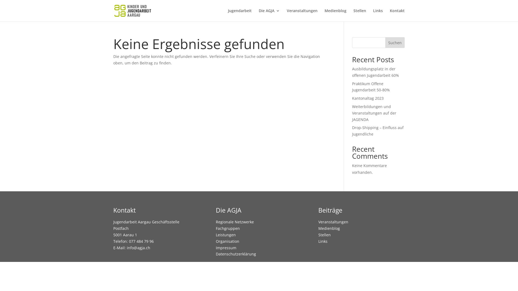 The height and width of the screenshot is (291, 518). What do you see at coordinates (352, 86) in the screenshot?
I see `'Praktikum Offene Jugendarbeit 50-80%'` at bounding box center [352, 86].